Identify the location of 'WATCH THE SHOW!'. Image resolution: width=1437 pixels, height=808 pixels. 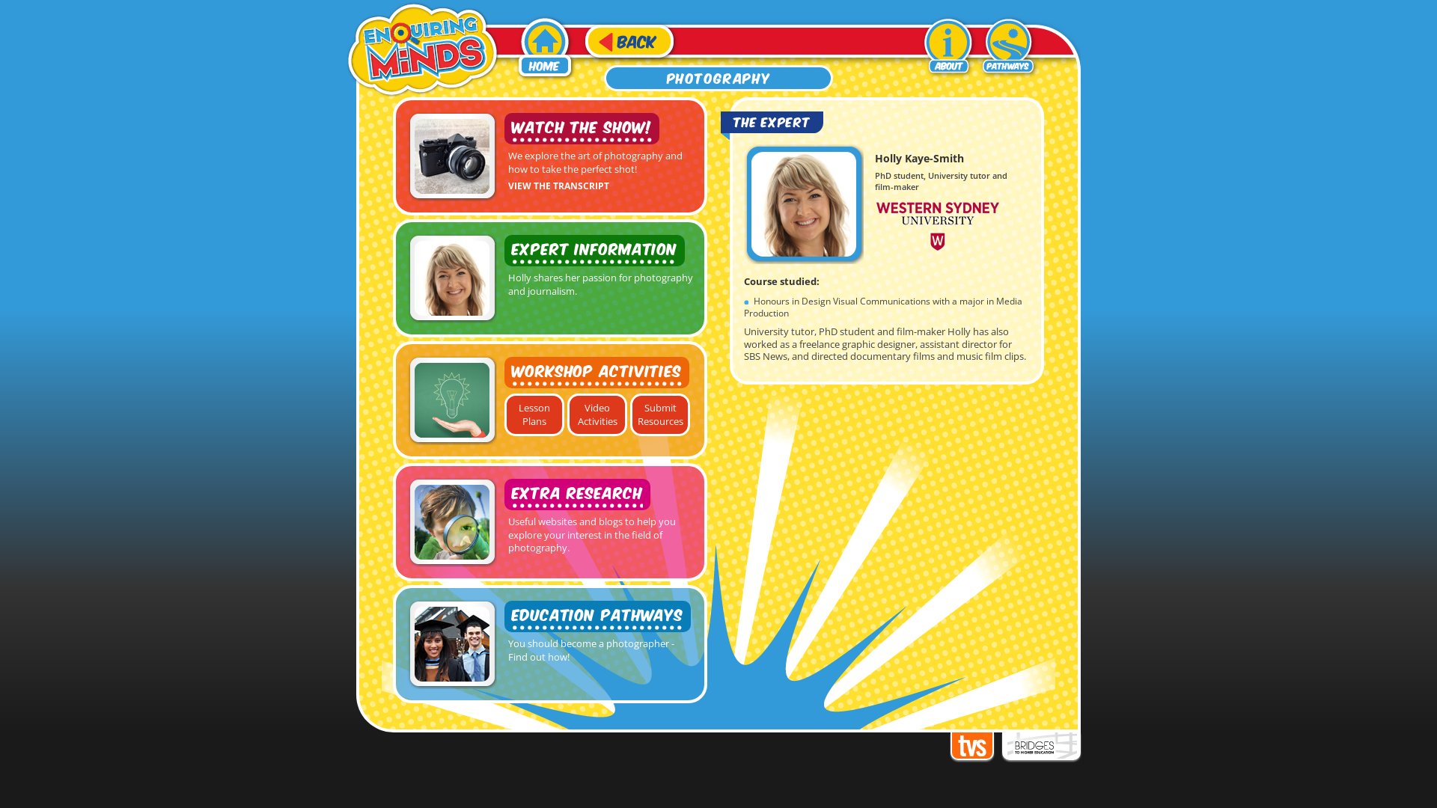
(581, 128).